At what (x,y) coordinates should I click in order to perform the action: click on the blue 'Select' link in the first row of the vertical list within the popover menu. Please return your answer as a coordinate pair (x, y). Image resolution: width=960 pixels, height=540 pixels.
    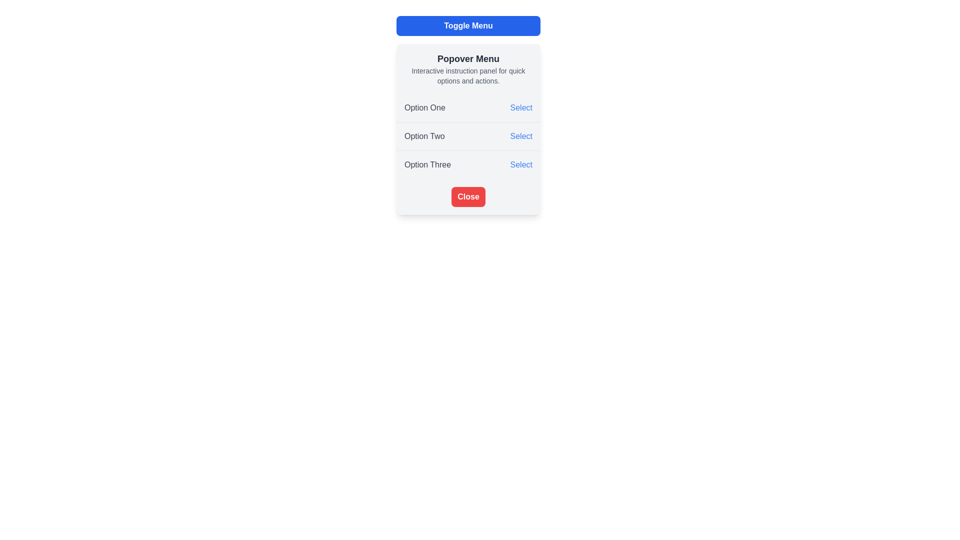
    Looking at the image, I should click on (467, 108).